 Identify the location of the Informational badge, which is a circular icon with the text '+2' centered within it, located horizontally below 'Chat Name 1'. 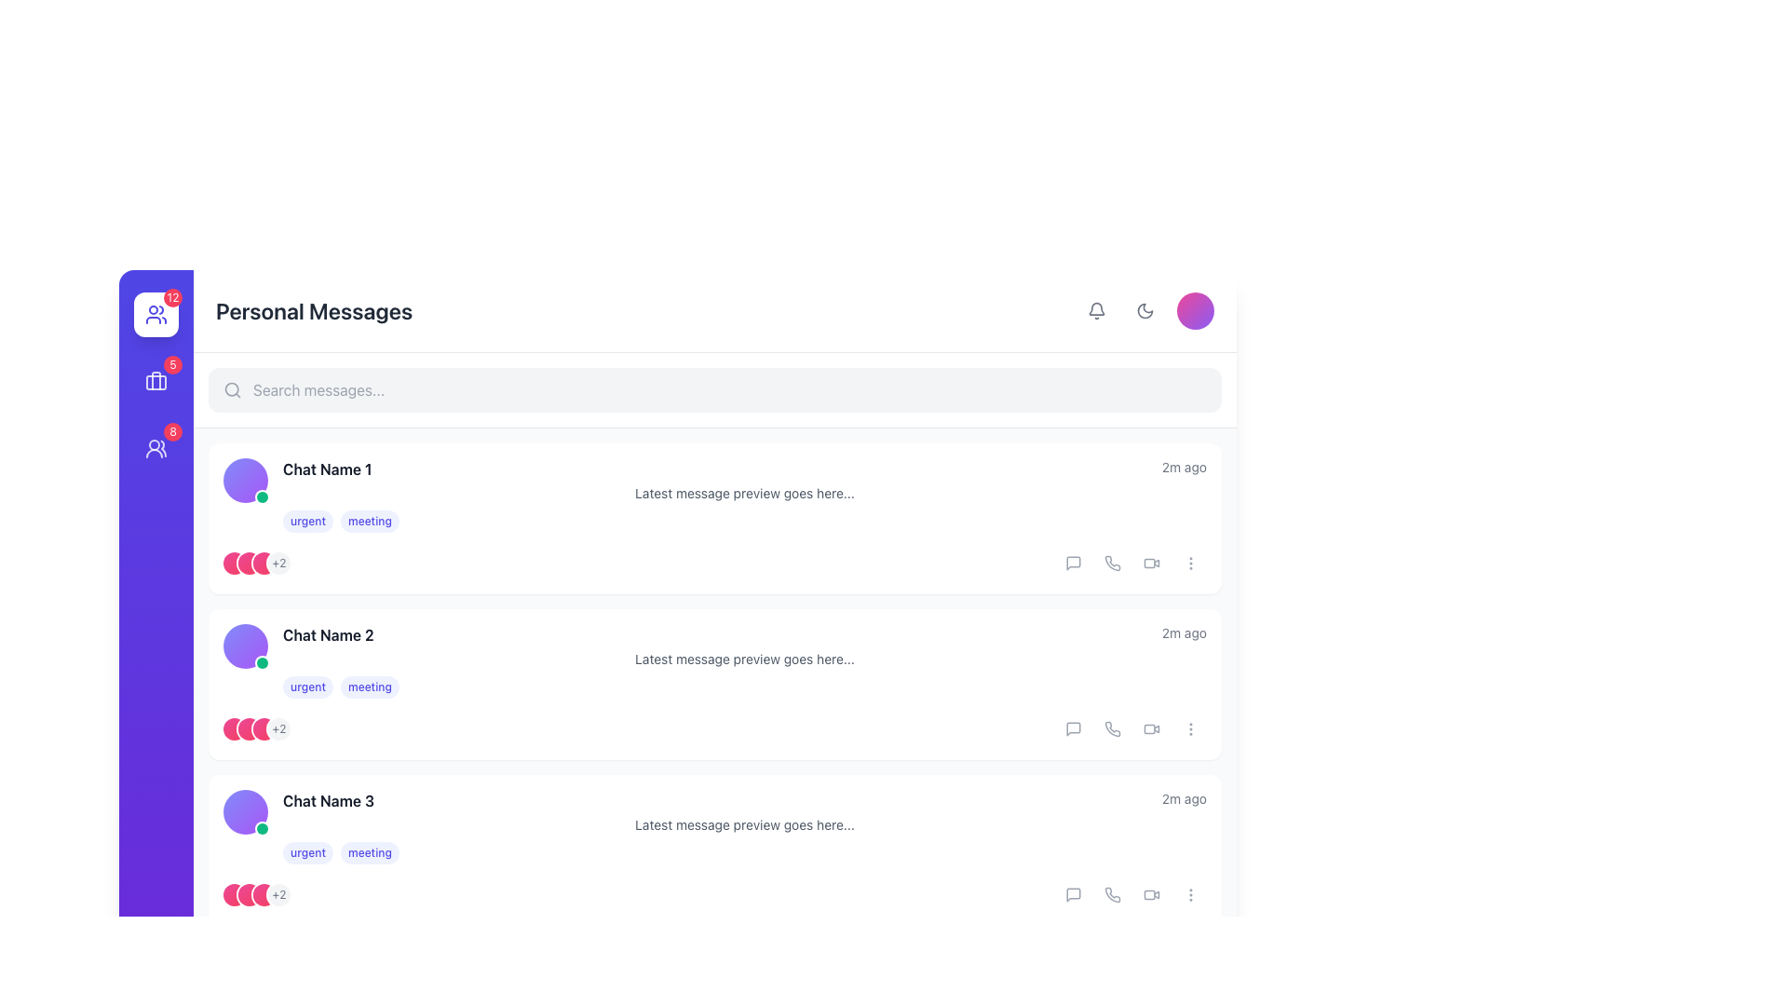
(278, 563).